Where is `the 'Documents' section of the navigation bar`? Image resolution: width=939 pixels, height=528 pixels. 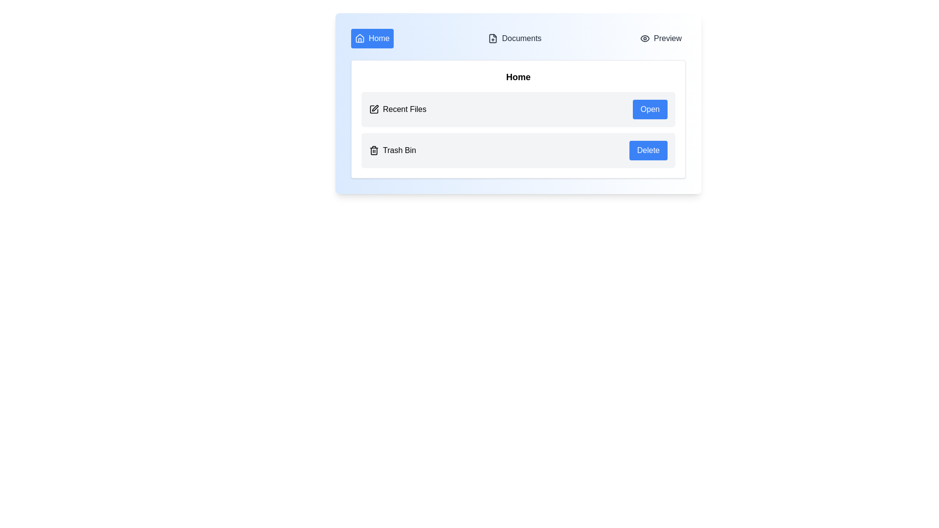
the 'Documents' section of the navigation bar is located at coordinates (518, 38).